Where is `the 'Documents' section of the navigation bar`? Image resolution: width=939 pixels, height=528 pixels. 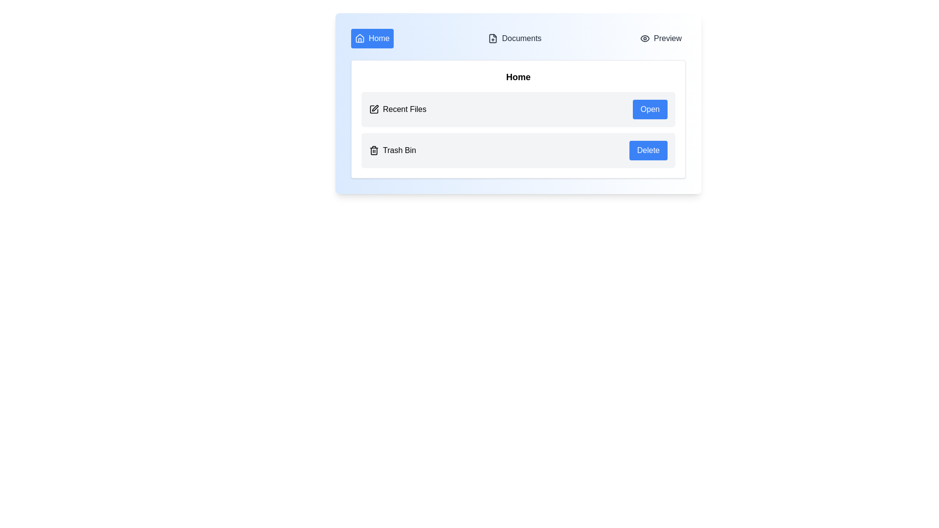
the 'Documents' section of the navigation bar is located at coordinates (518, 38).